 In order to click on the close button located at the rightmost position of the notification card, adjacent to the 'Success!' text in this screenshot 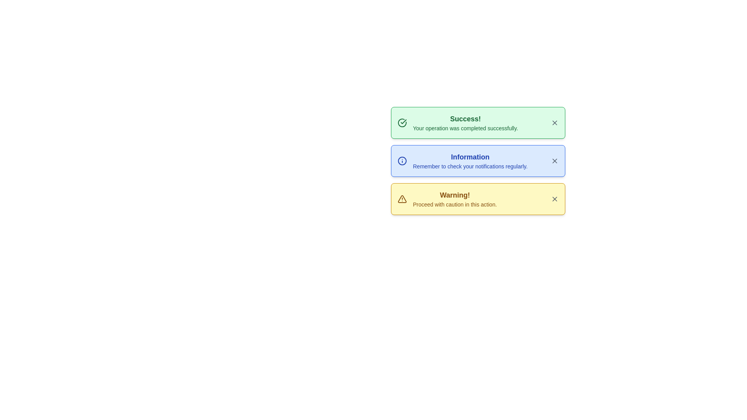, I will do `click(554, 122)`.